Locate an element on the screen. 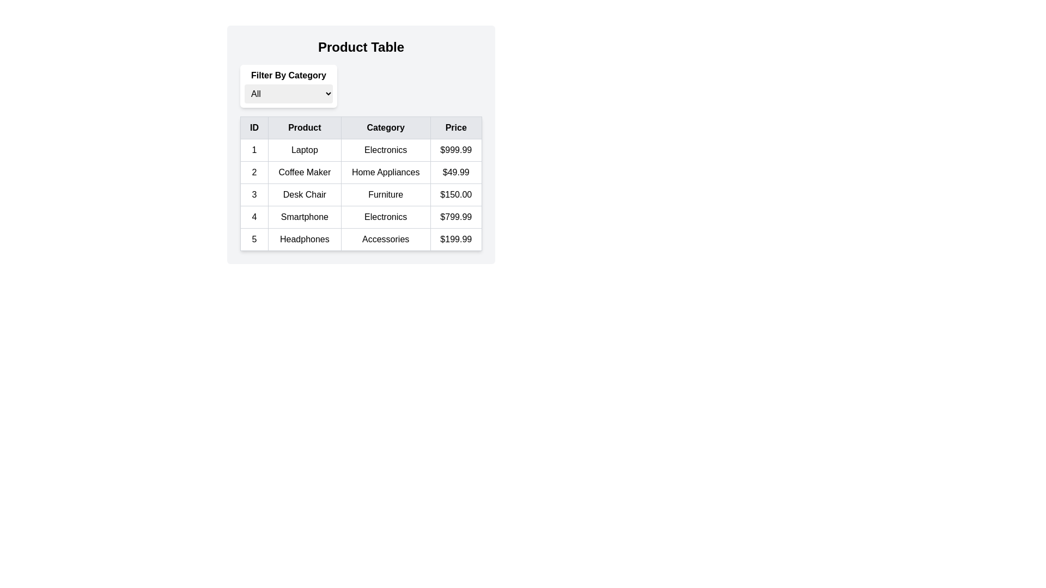  the text display field labeled 'Headphones' in the second column of the fifth row in the table is located at coordinates (305, 238).